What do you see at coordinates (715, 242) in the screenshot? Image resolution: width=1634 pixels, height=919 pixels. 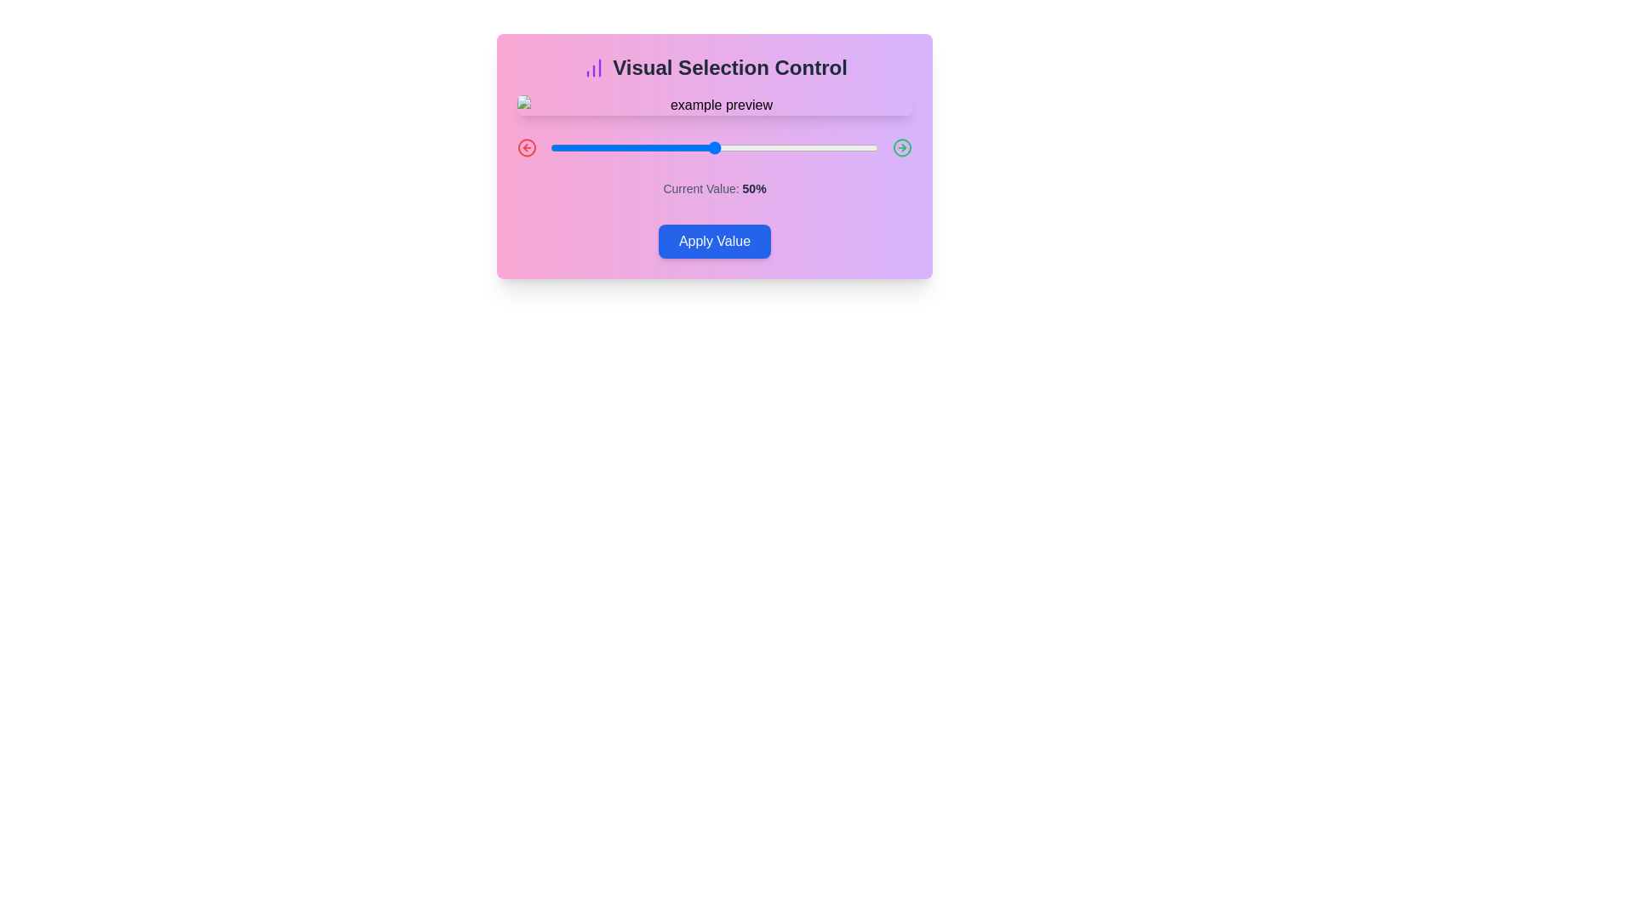 I see `'Apply Value' button` at bounding box center [715, 242].